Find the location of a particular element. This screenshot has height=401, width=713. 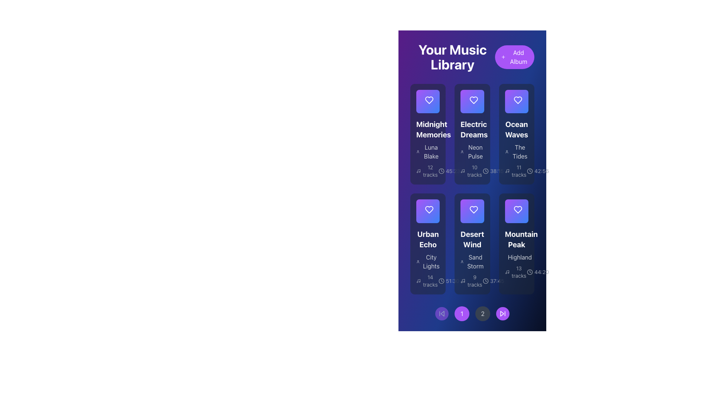

to select the Information card titled 'Electric Dreams' with a heart icon at the top, located in the second position of the top row in a grid layout is located at coordinates (472, 134).